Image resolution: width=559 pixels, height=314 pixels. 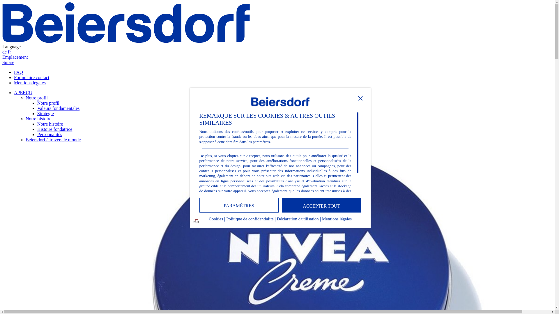 What do you see at coordinates (37, 129) in the screenshot?
I see `'Histoire fondatrice'` at bounding box center [37, 129].